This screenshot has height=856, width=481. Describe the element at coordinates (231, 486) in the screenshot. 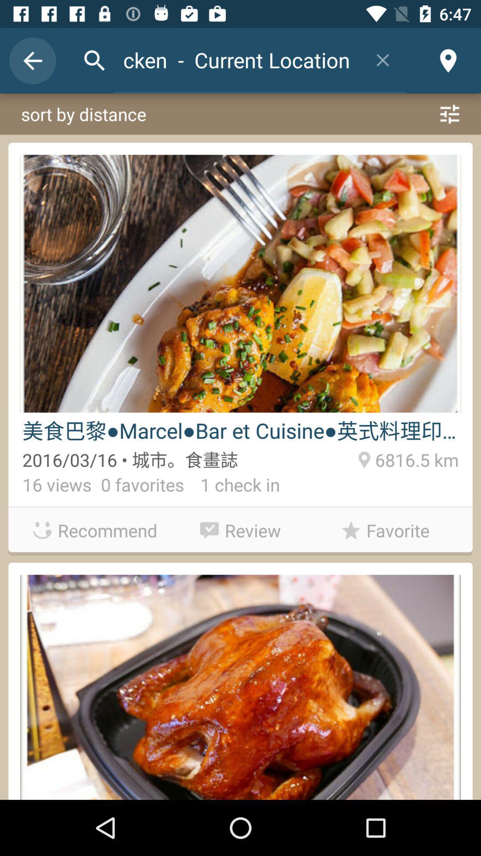

I see `app to the left of 6816.5 km app` at that location.